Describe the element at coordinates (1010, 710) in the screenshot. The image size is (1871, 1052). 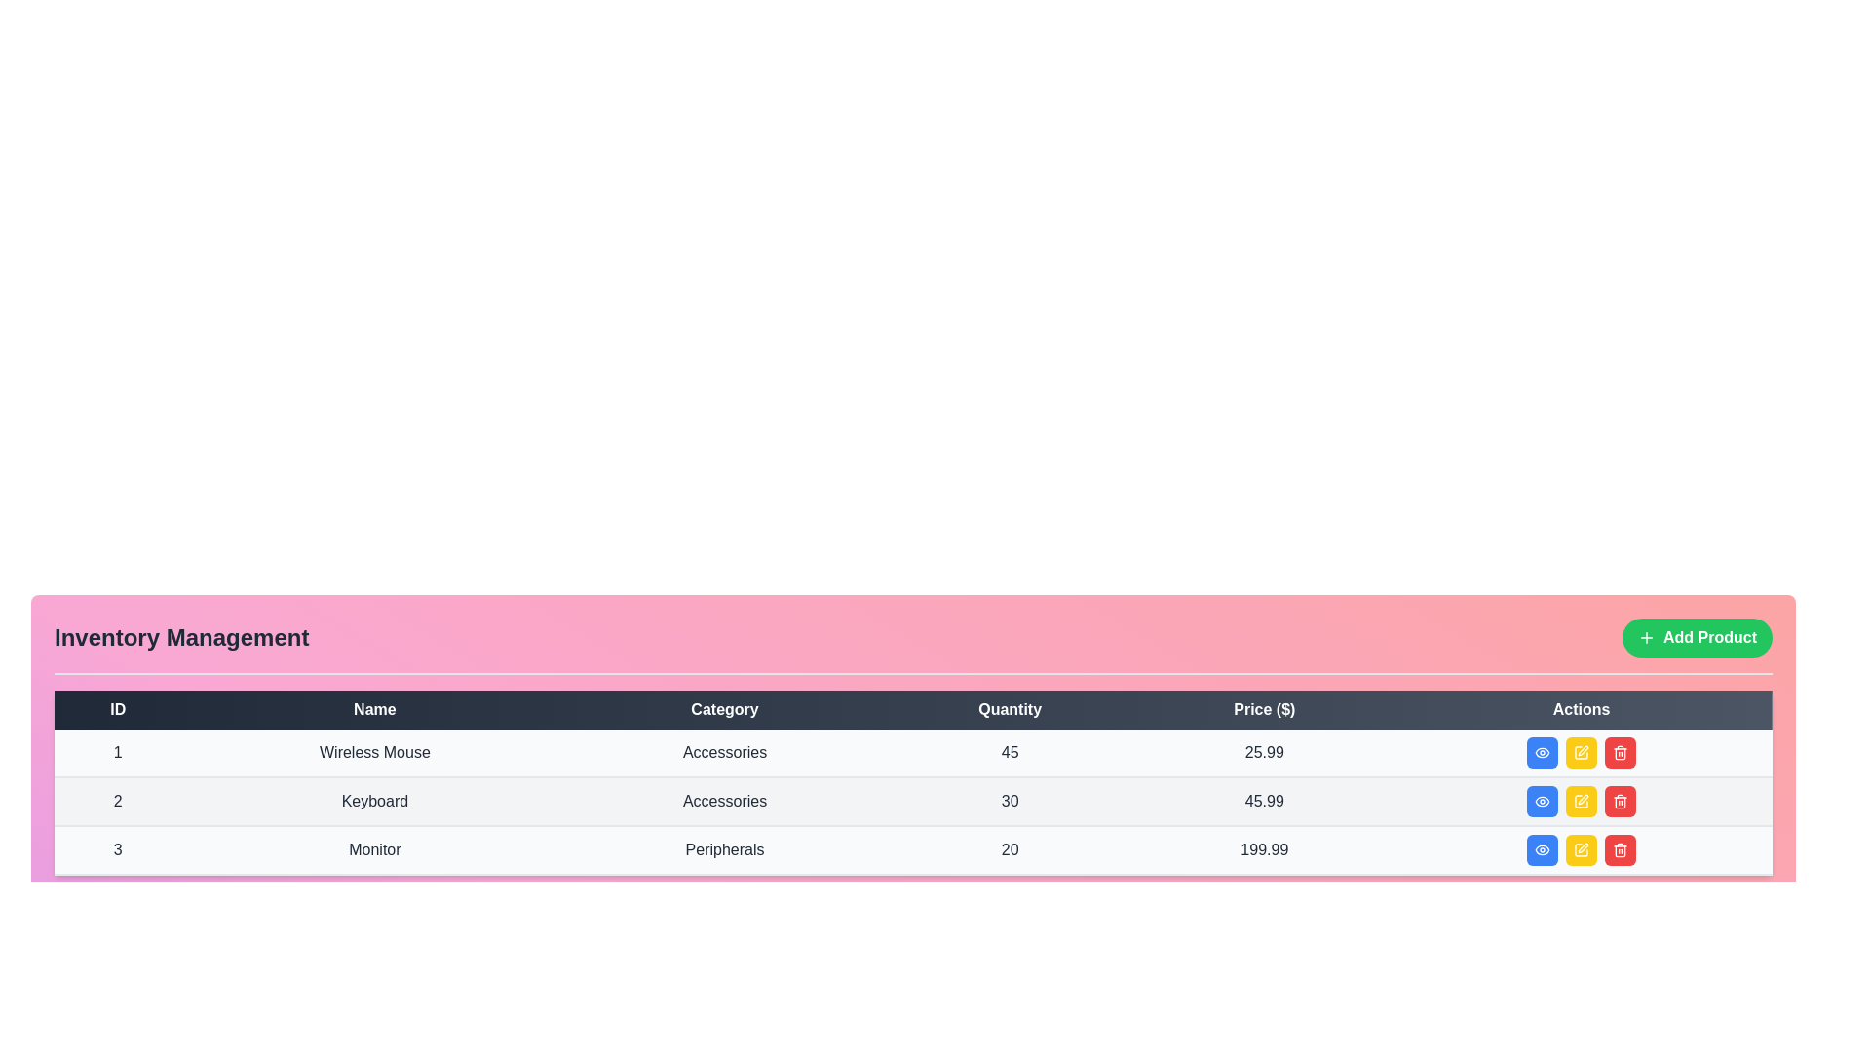
I see `the 'Quantity' text label, which is the fourth column header in a table layout, displaying white text on a dark background` at that location.